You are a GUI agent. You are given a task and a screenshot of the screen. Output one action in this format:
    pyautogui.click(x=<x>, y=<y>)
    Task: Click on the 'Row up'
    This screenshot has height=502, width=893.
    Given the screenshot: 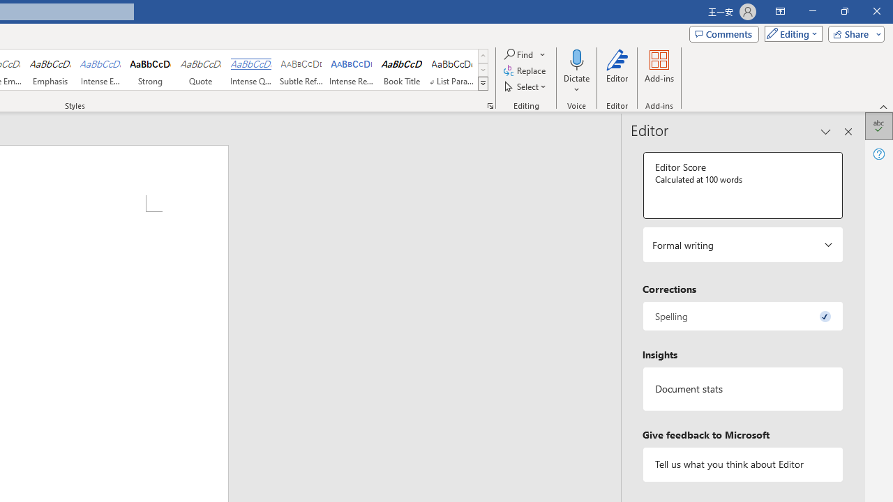 What is the action you would take?
    pyautogui.click(x=483, y=55)
    